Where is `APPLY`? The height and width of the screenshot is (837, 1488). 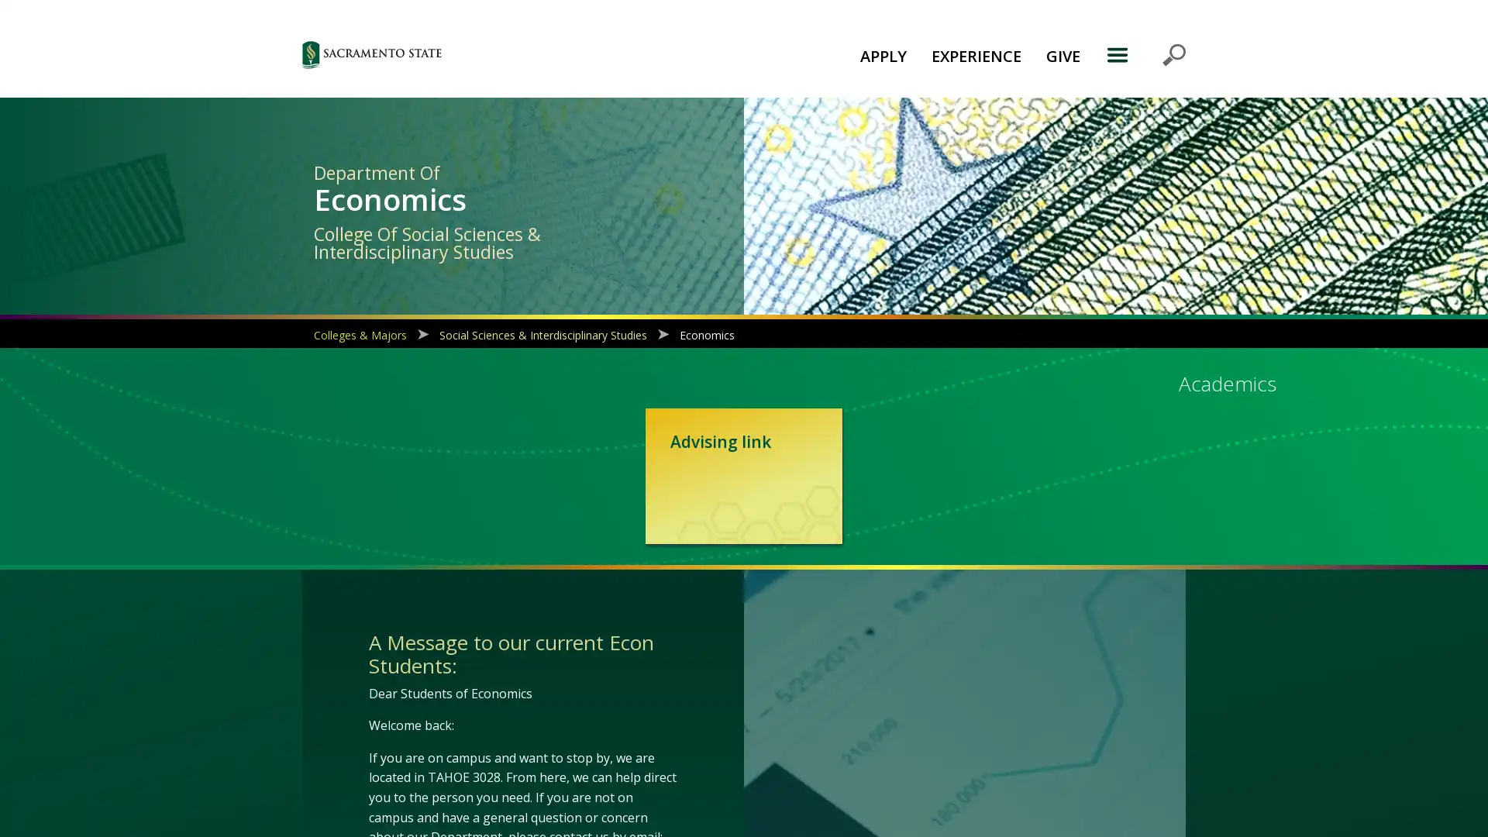
APPLY is located at coordinates (883, 53).